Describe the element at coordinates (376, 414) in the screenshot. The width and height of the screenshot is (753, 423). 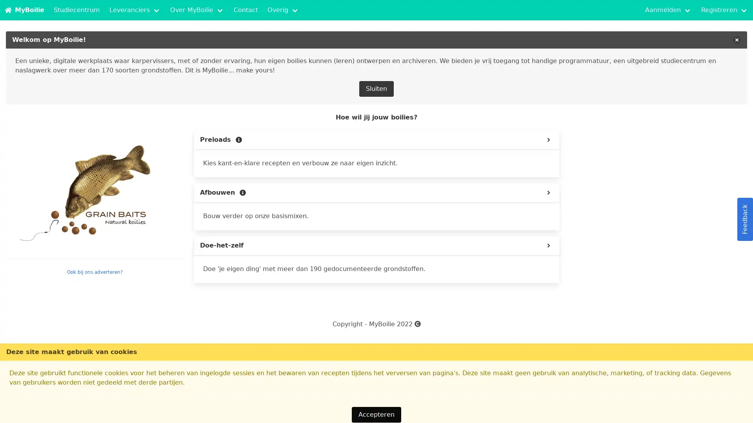
I see `Accepteren` at that location.